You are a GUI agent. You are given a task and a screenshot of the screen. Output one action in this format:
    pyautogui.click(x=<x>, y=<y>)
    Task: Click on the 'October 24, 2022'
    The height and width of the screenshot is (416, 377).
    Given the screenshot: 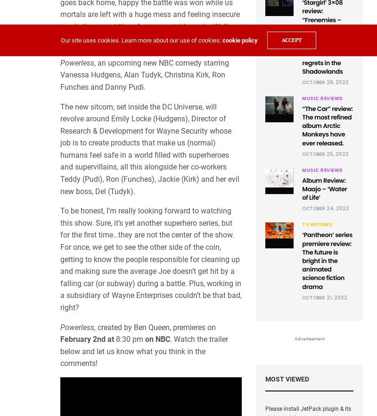 What is the action you would take?
    pyautogui.click(x=326, y=208)
    